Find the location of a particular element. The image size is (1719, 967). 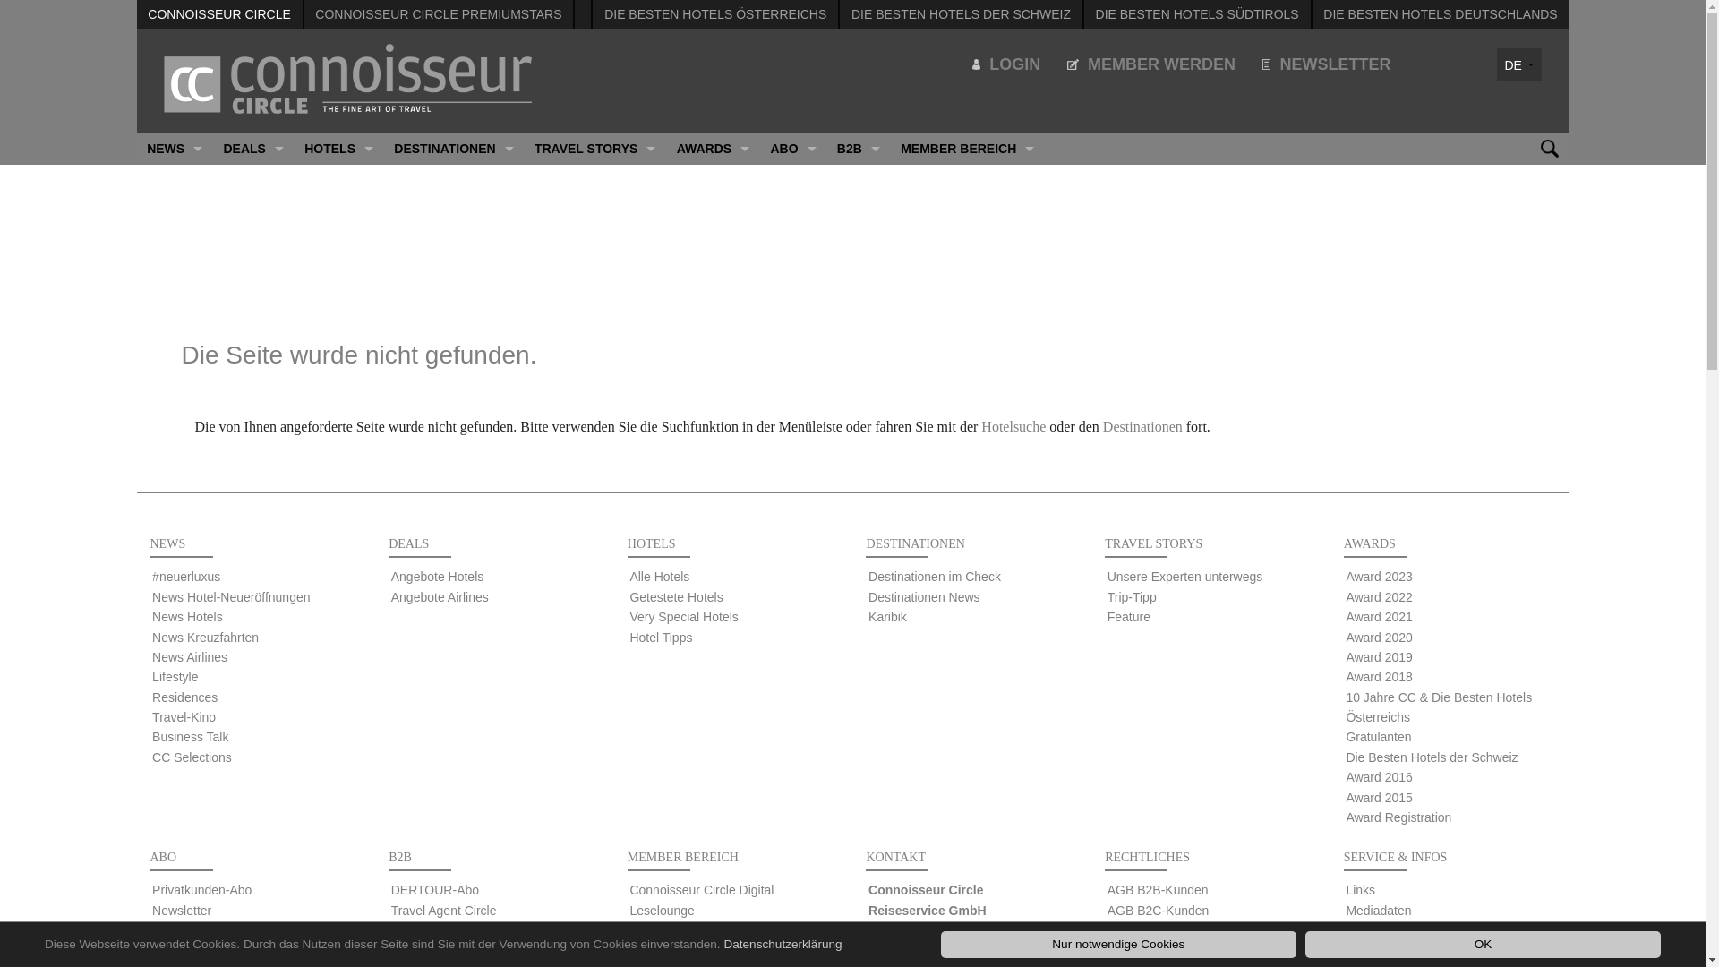

'CC SELECTIONS' is located at coordinates (135, 461).